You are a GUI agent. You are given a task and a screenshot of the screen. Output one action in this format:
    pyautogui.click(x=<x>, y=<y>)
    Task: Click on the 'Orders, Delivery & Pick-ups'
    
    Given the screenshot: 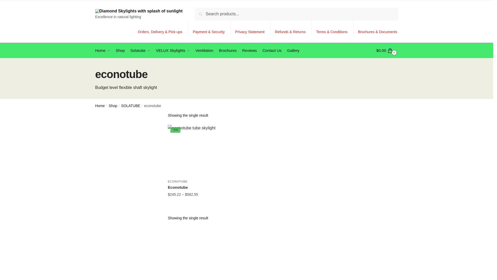 What is the action you would take?
    pyautogui.click(x=134, y=27)
    